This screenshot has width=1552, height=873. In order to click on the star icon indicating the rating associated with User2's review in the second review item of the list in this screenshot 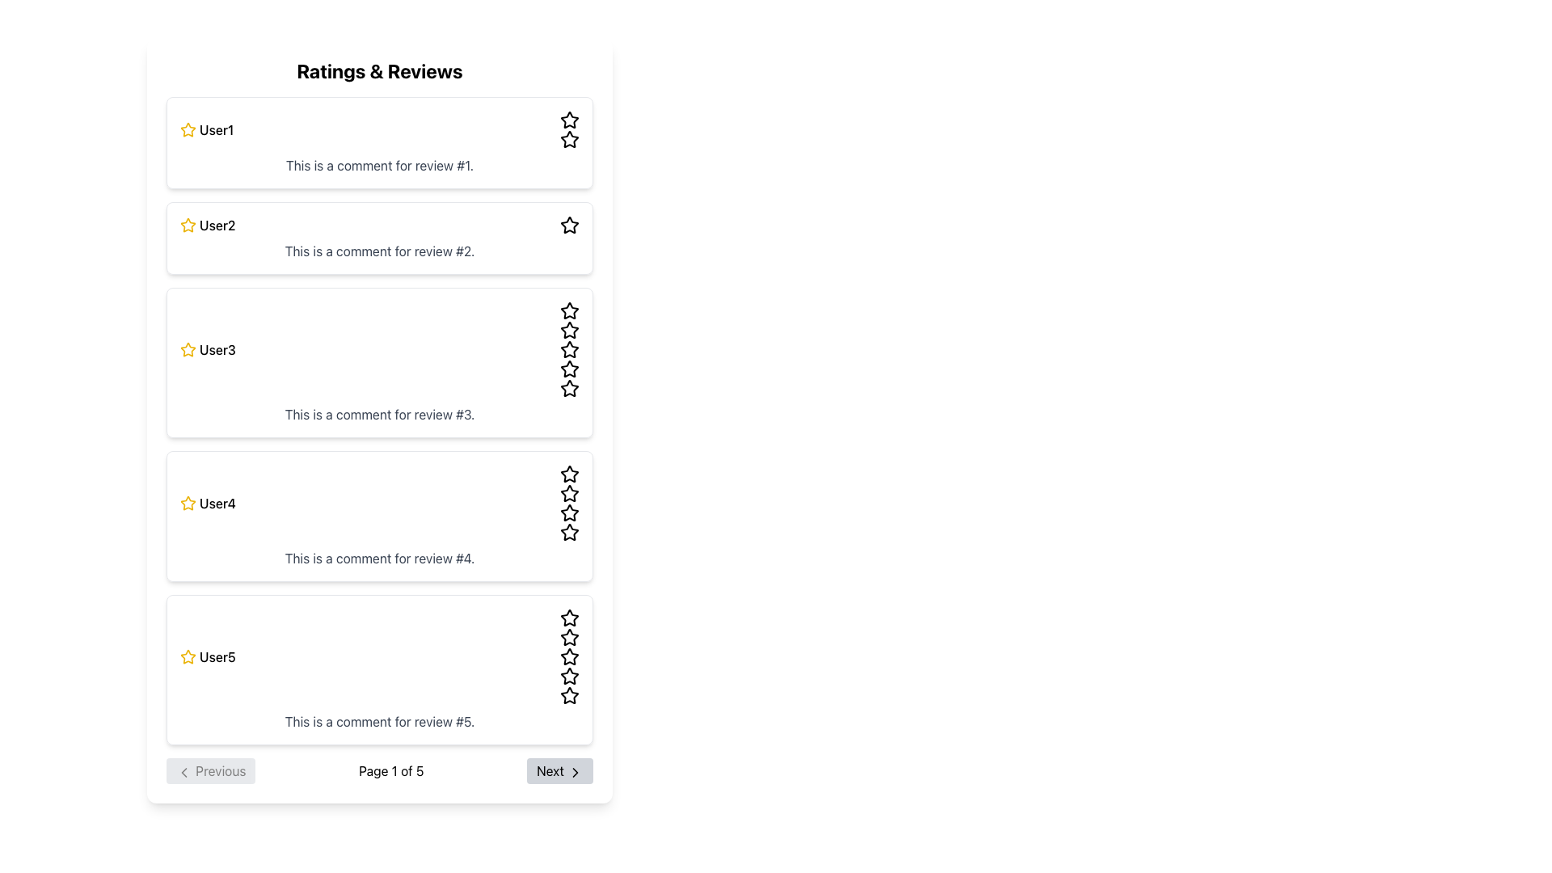, I will do `click(188, 225)`.